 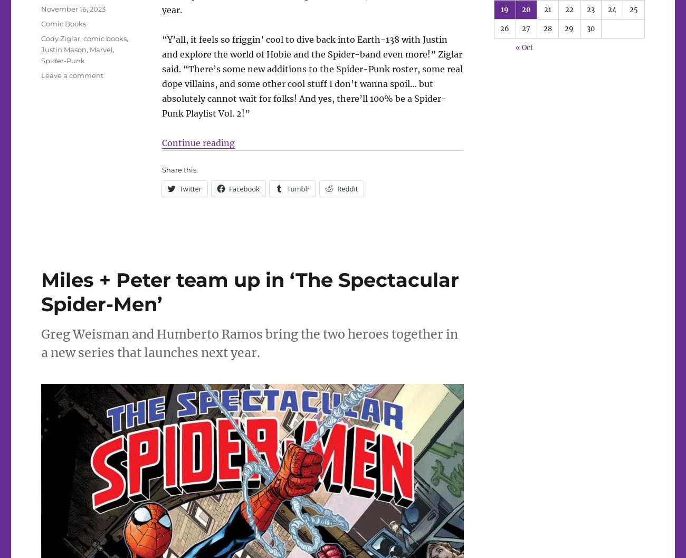 What do you see at coordinates (311, 76) in the screenshot?
I see `'“Y’all, it feels so friggin’ cool to dive back into Earth-138 with Justin and explore the world of Hobie and the Spider-band even more!” Ziglar said. “There’s some new additions to the Spider-Punk roster, some real dope villains, and some other cool stuff I don’t wanna spoil… but absolutely cannot wait for folks! And yes, there’ll 100% be a Spider-Punk Playlist Vol. 2!”'` at bounding box center [311, 76].